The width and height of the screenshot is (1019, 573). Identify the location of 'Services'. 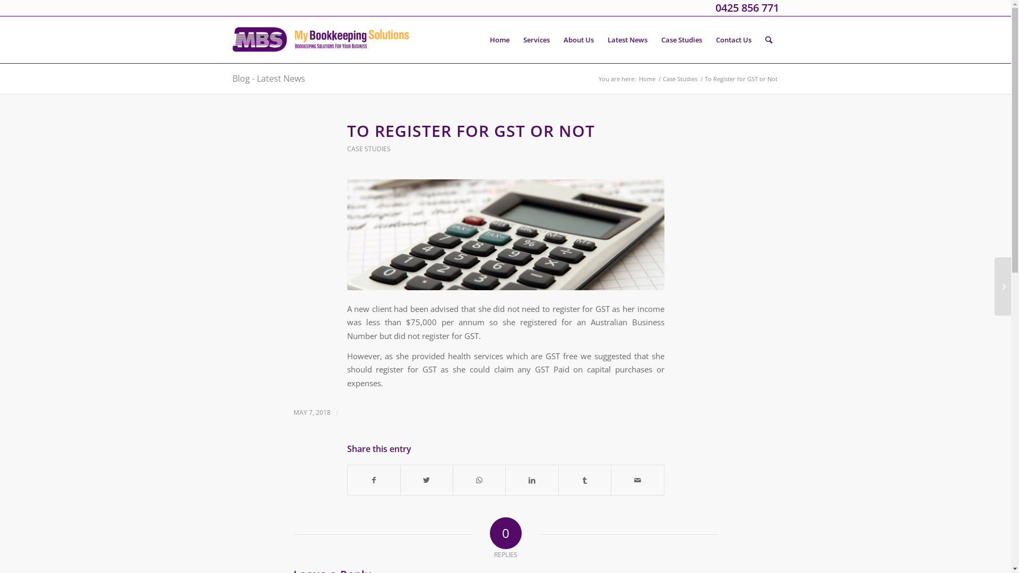
(536, 39).